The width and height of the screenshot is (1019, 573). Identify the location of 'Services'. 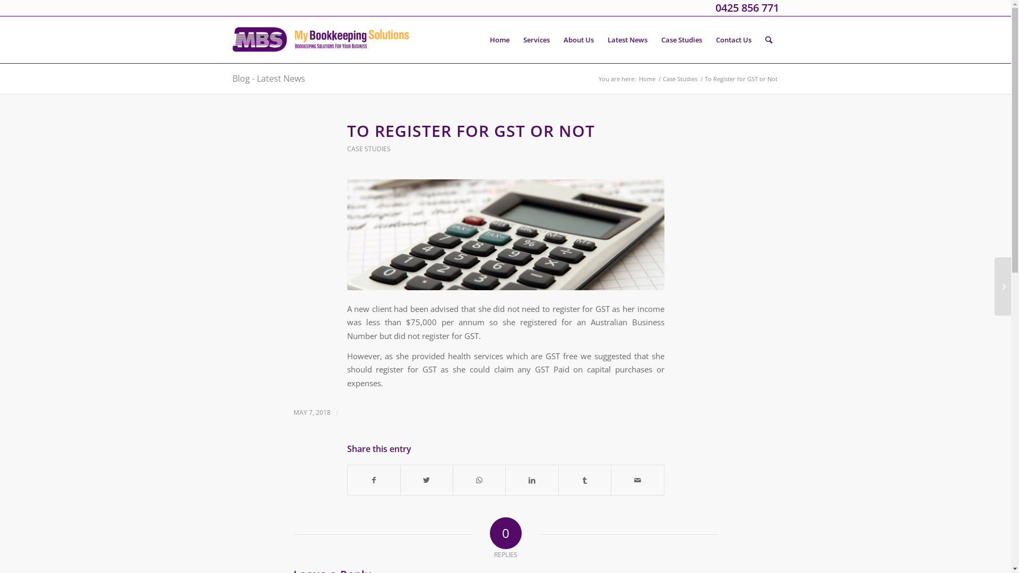
(536, 39).